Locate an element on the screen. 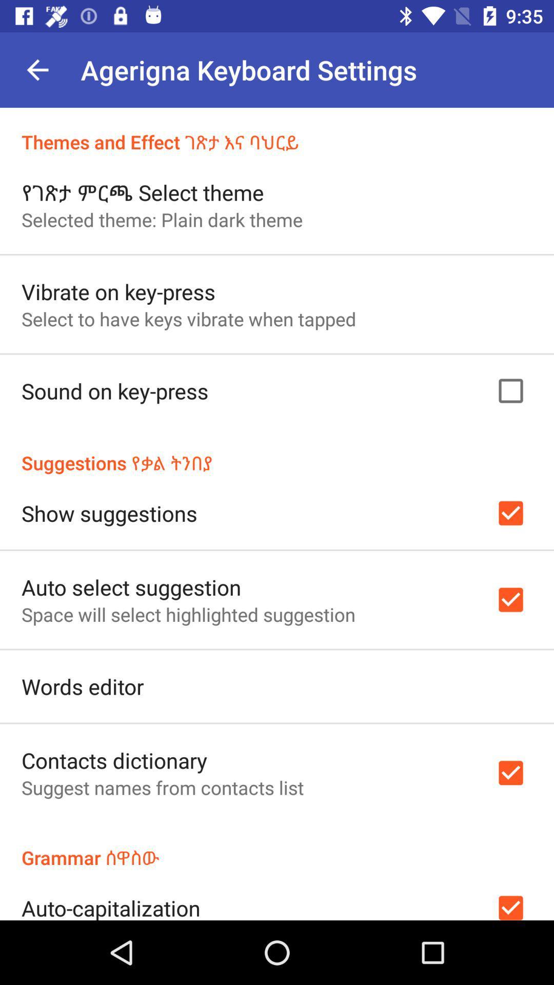 The width and height of the screenshot is (554, 985). the icon above words editor is located at coordinates (188, 614).